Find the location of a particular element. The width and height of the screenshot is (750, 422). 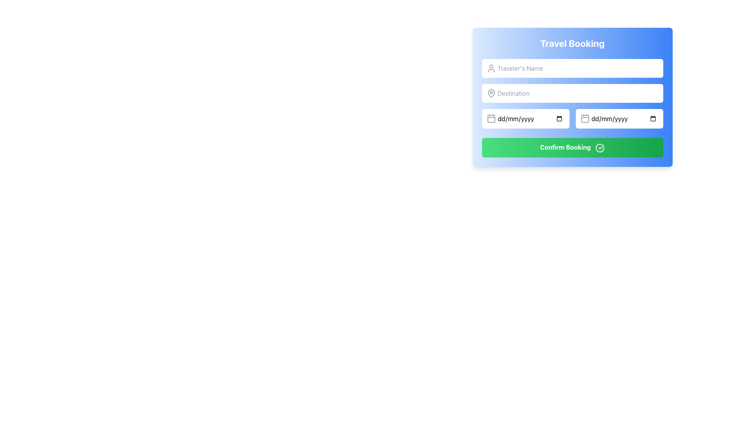

the circular checkmark icon with a bold outline and green color located to the right of the 'Confirm Booking' text within the green button at the bottom of the interface is located at coordinates (600, 148).